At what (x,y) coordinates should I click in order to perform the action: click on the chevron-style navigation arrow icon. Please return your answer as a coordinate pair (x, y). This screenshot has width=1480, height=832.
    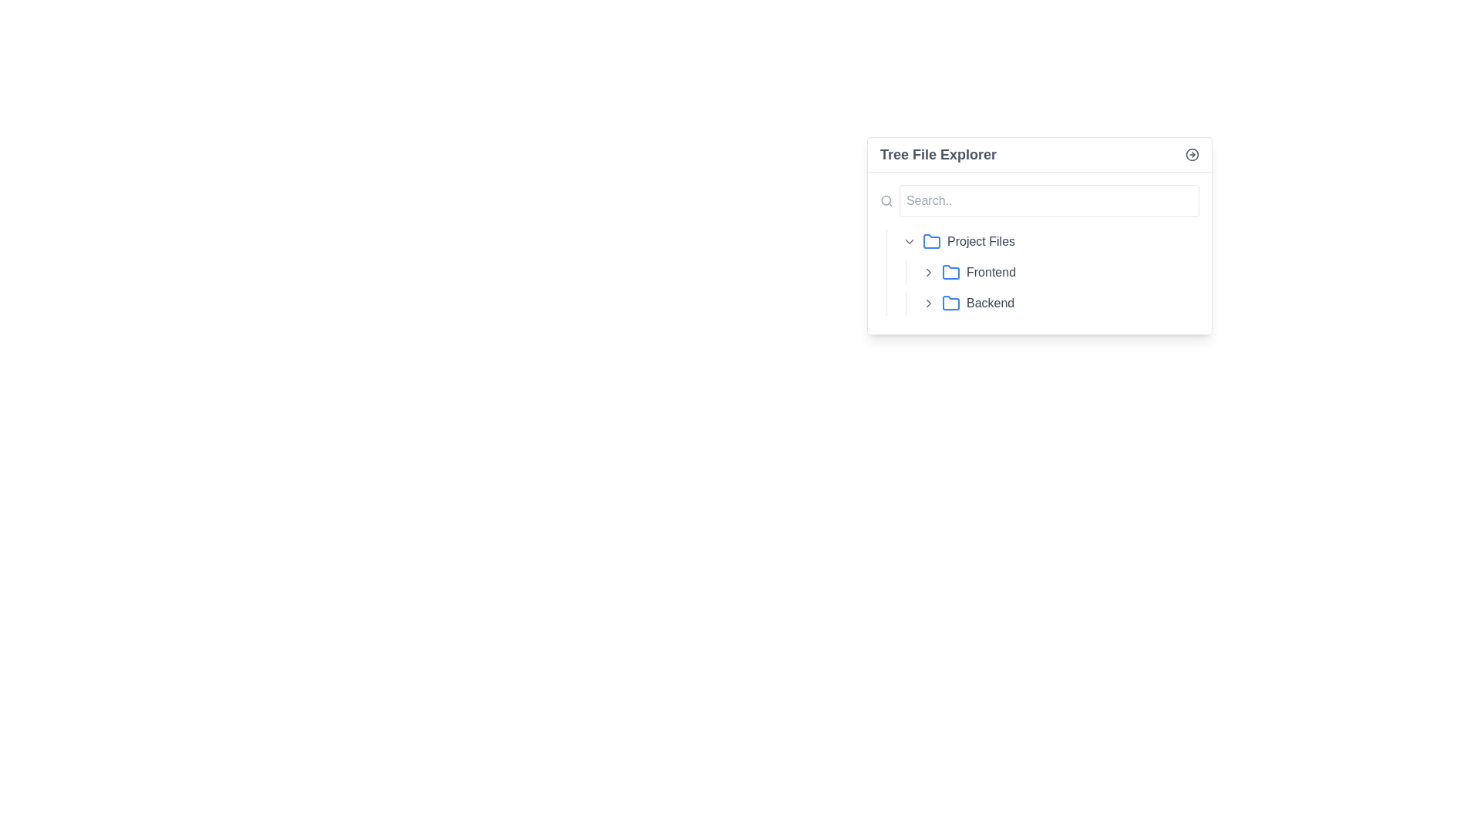
    Looking at the image, I should click on (927, 272).